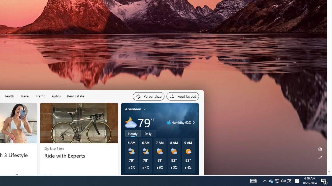 The width and height of the screenshot is (332, 186). I want to click on 'Mostly cloudy', so click(131, 122).